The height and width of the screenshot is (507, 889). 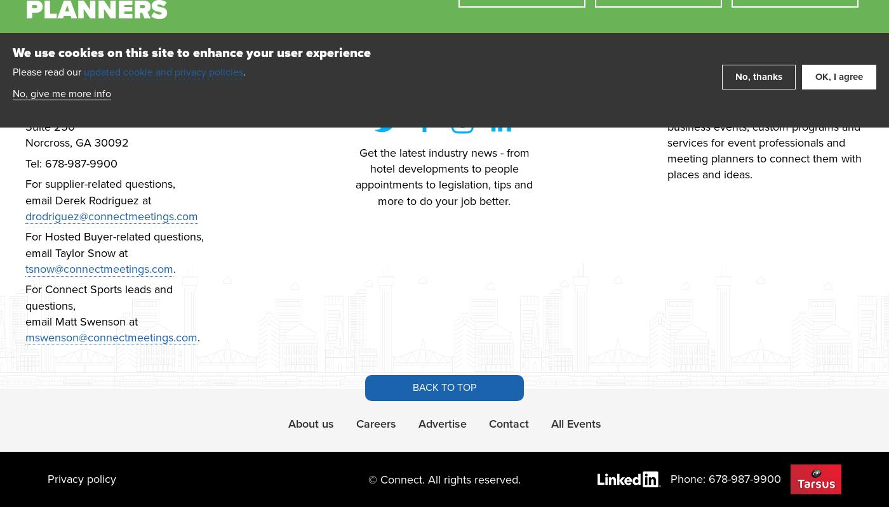 I want to click on 'Contact', so click(x=488, y=423).